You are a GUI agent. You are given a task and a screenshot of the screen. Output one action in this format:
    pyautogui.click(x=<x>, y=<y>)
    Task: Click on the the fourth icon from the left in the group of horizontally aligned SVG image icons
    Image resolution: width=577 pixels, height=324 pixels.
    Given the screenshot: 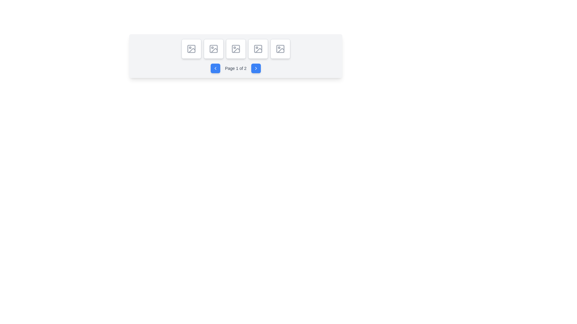 What is the action you would take?
    pyautogui.click(x=258, y=48)
    